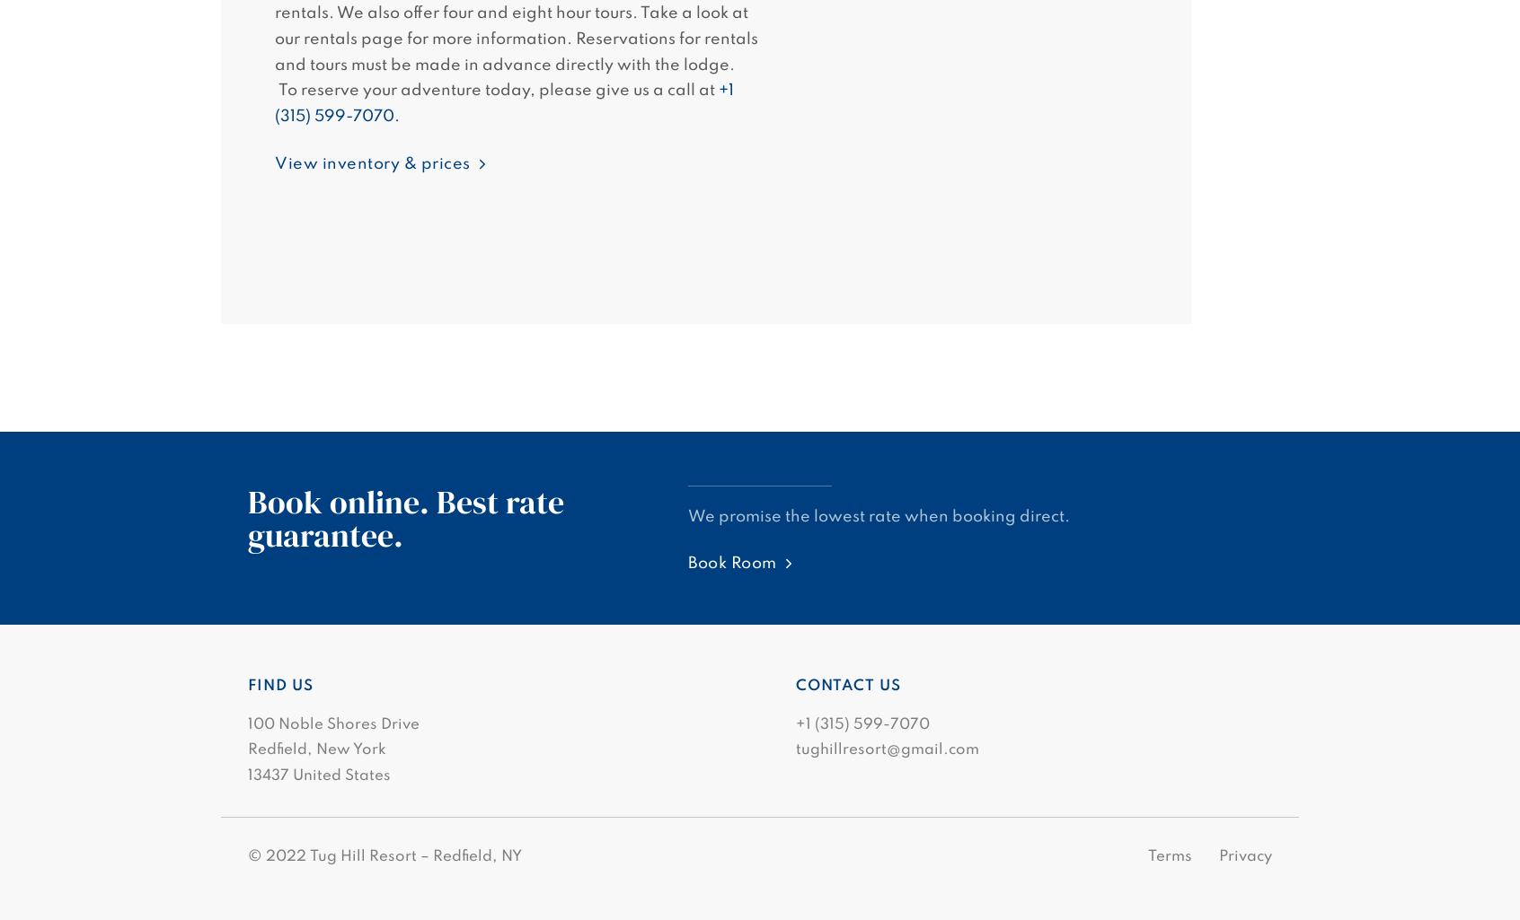  What do you see at coordinates (279, 686) in the screenshot?
I see `'FIND US'` at bounding box center [279, 686].